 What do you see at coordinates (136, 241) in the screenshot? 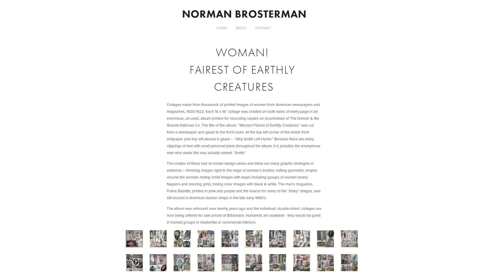
I see `View fullsize Smith-endpaper1500px.jpg` at bounding box center [136, 241].